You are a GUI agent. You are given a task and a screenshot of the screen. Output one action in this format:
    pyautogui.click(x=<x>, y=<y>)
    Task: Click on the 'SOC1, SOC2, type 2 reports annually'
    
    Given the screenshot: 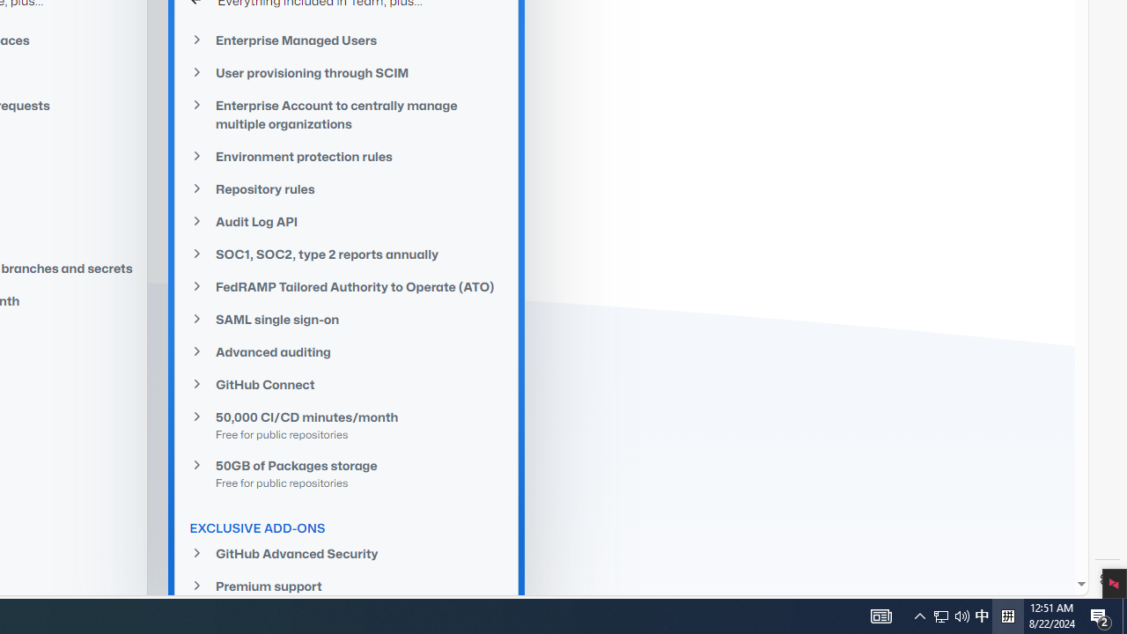 What is the action you would take?
    pyautogui.click(x=347, y=254)
    